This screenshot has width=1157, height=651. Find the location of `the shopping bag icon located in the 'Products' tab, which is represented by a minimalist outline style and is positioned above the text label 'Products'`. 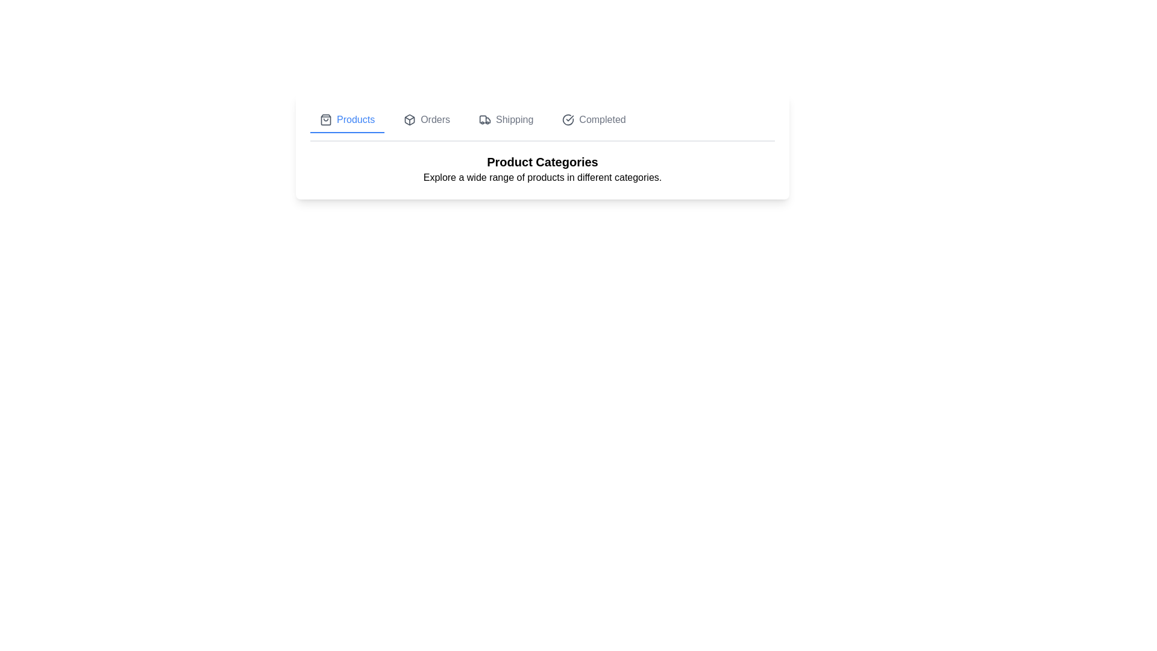

the shopping bag icon located in the 'Products' tab, which is represented by a minimalist outline style and is positioned above the text label 'Products' is located at coordinates (326, 120).